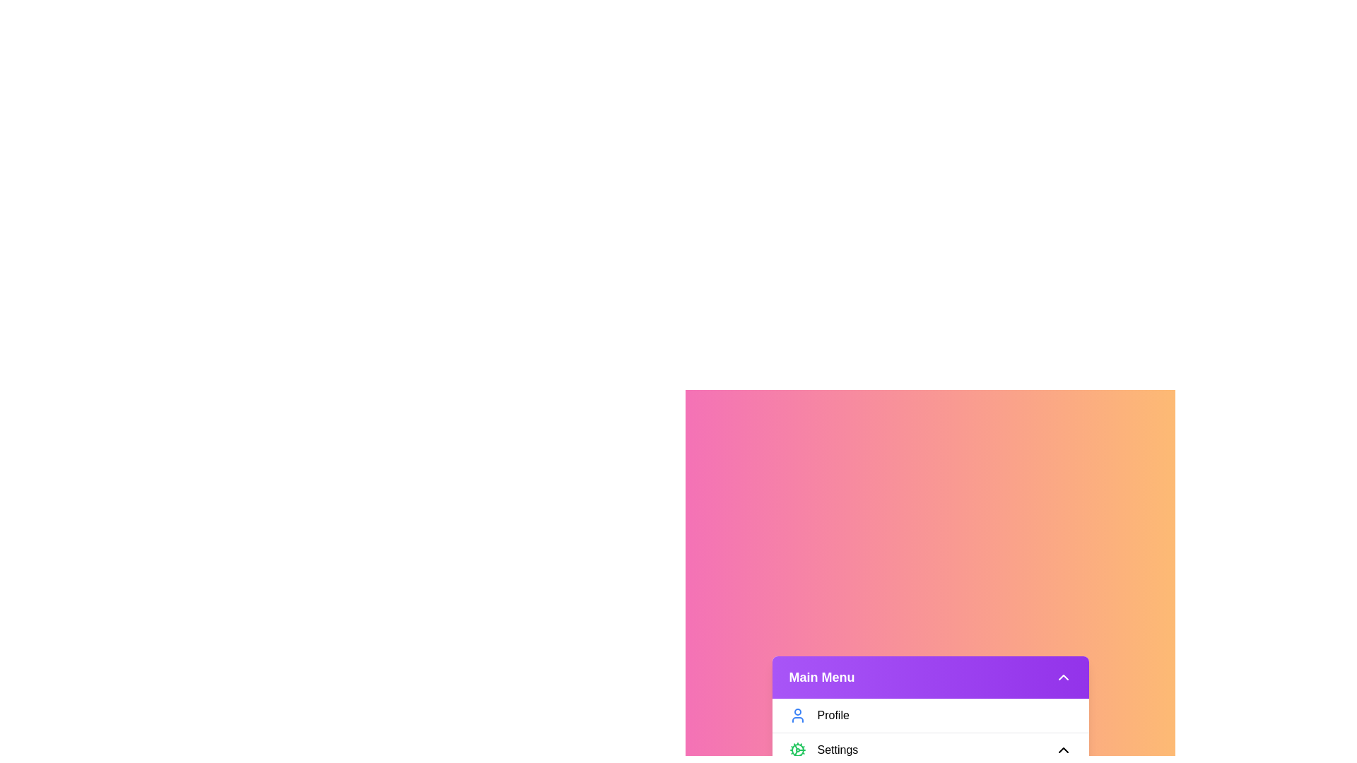 The image size is (1357, 763). I want to click on the user profile icon located to the left of the 'Profile' text in the menu, so click(797, 715).